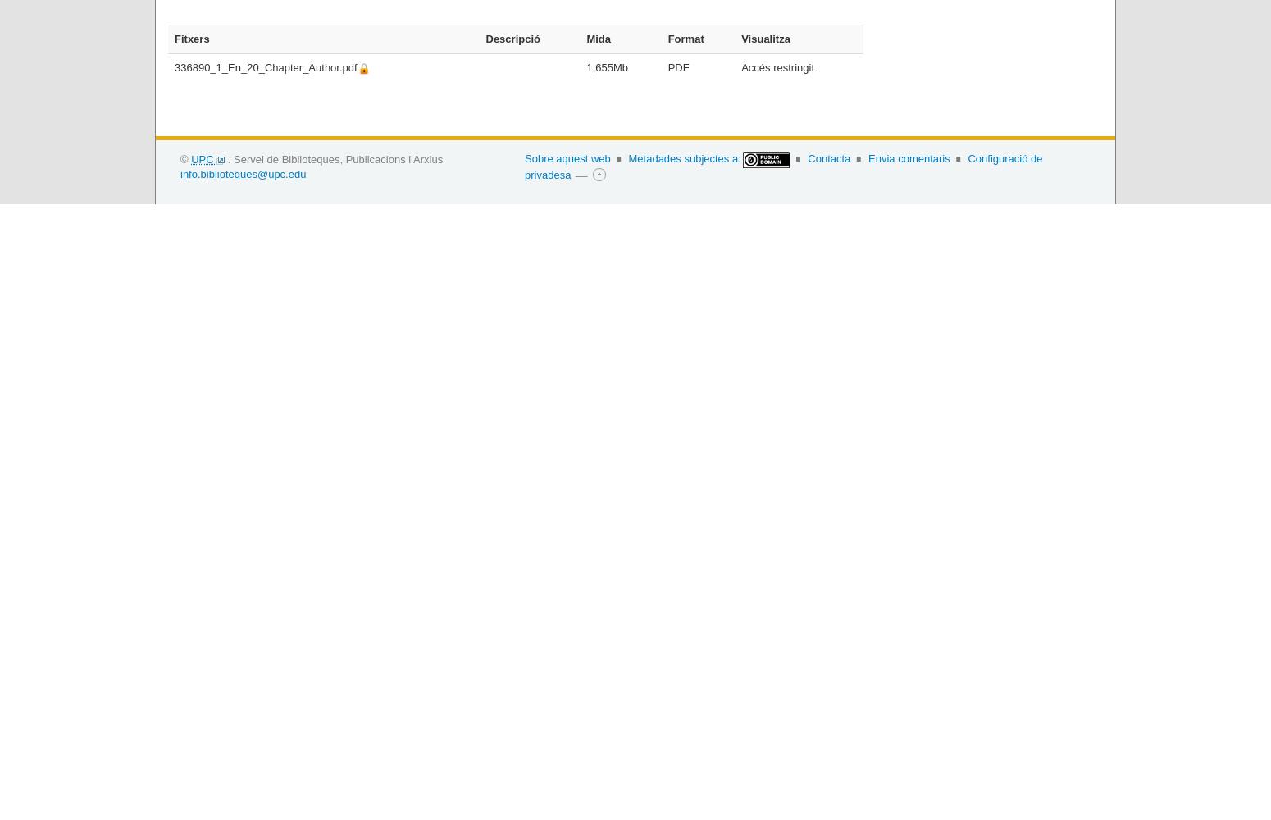  Describe the element at coordinates (264, 66) in the screenshot. I see `'336890_1_En_20_Chapter_Author.pdf'` at that location.